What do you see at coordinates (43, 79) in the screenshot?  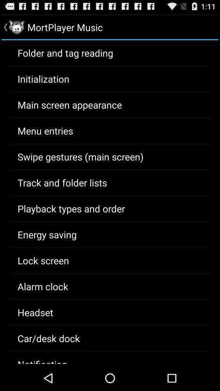 I see `item below the folder and tag app` at bounding box center [43, 79].